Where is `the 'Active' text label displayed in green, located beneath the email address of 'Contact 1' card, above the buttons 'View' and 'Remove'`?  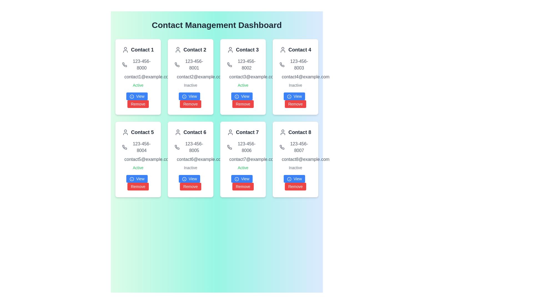
the 'Active' text label displayed in green, located beneath the email address of 'Contact 1' card, above the buttons 'View' and 'Remove' is located at coordinates (138, 85).